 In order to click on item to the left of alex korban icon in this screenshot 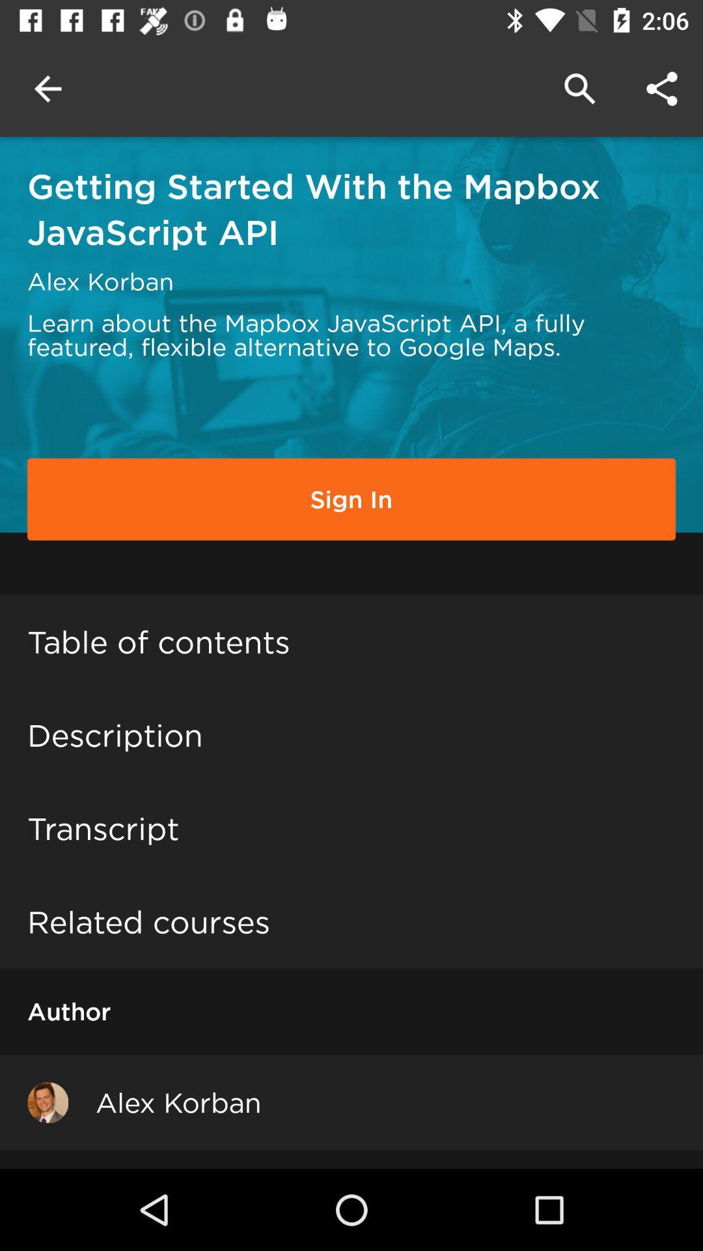, I will do `click(47, 1101)`.